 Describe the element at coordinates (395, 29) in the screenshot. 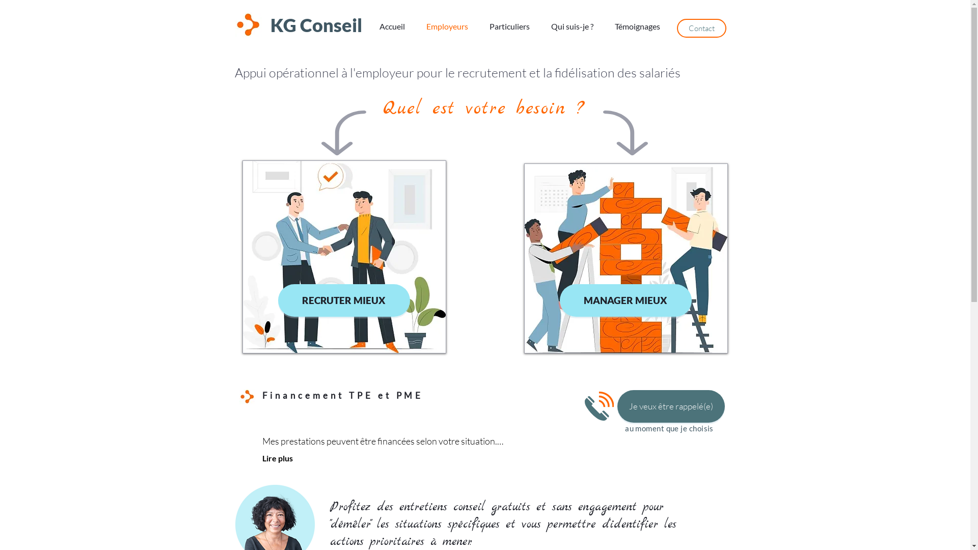

I see `'Accueil'` at that location.